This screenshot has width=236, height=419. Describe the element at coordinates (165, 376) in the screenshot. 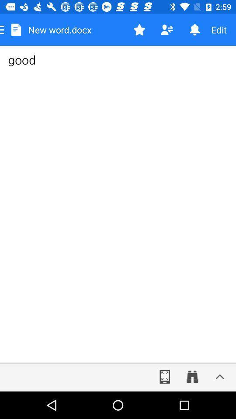

I see `full screen` at that location.